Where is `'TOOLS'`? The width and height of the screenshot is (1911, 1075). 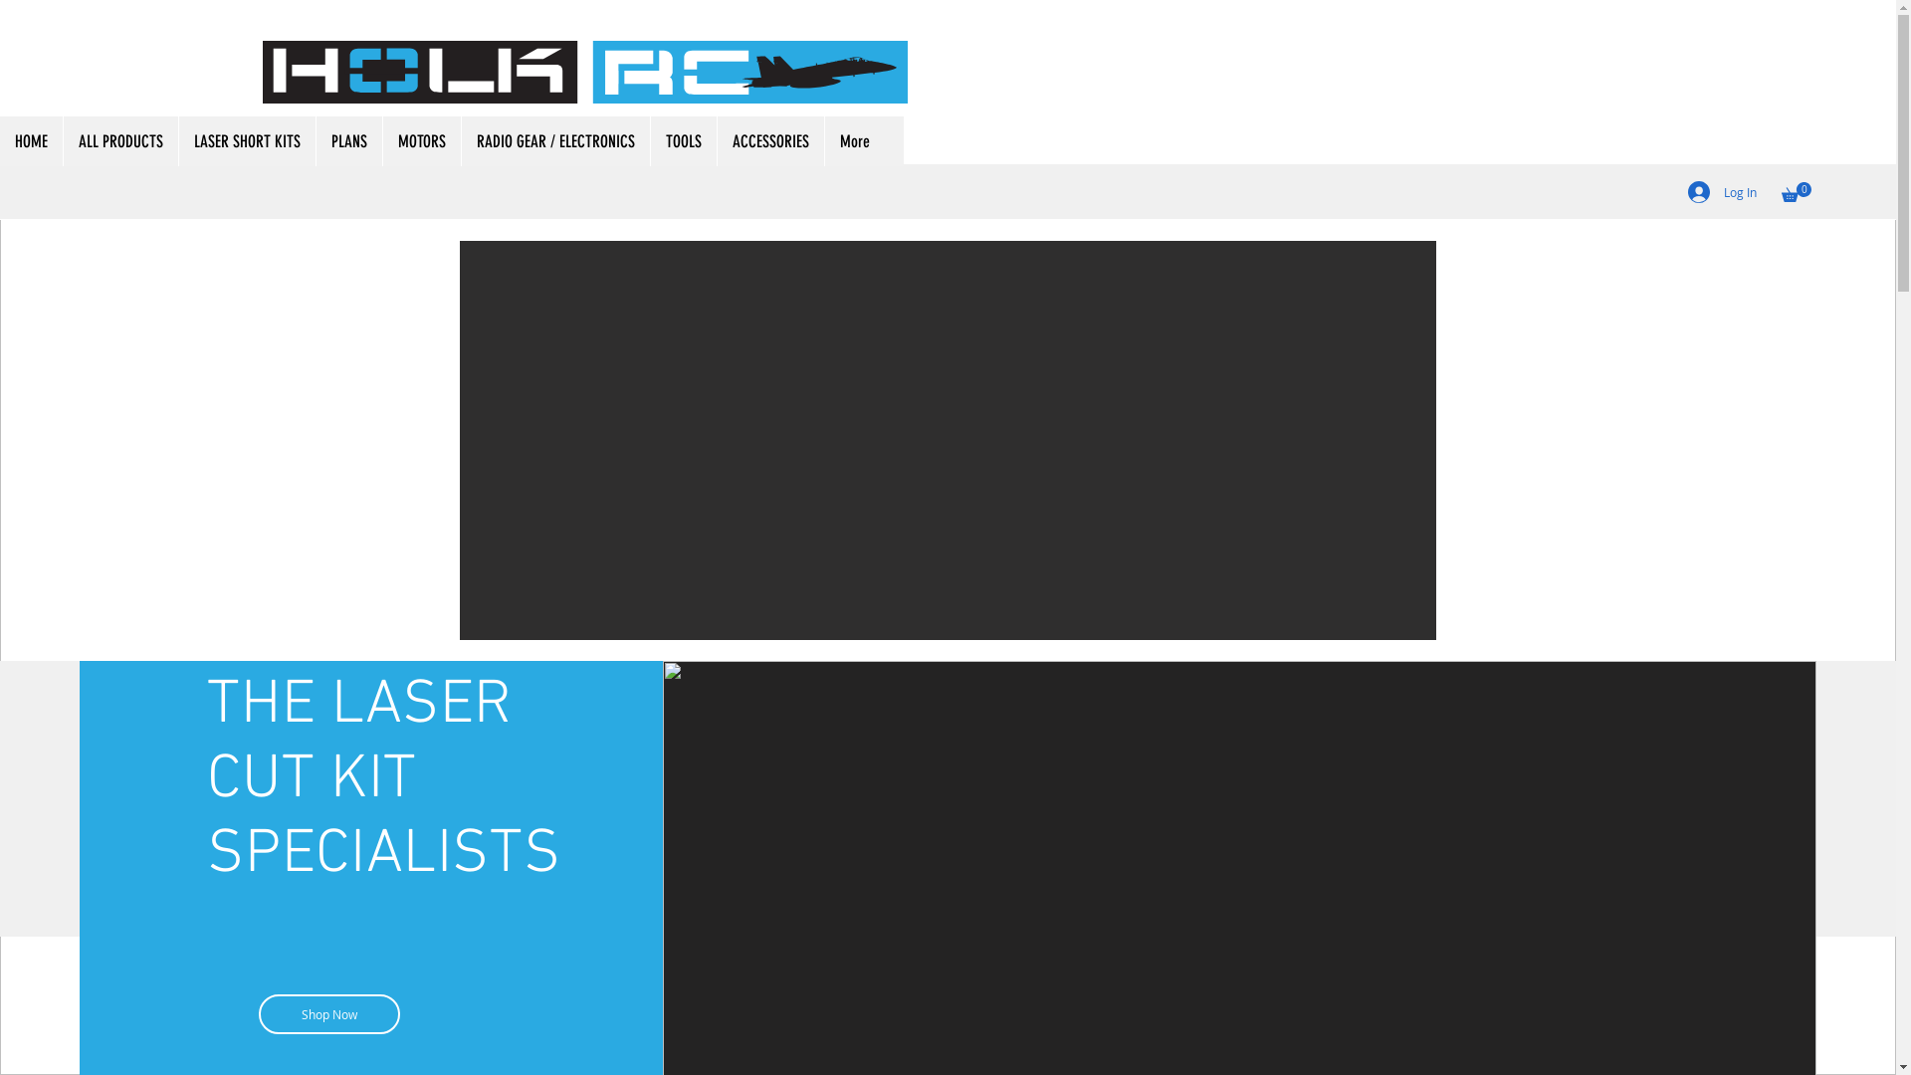 'TOOLS' is located at coordinates (683, 140).